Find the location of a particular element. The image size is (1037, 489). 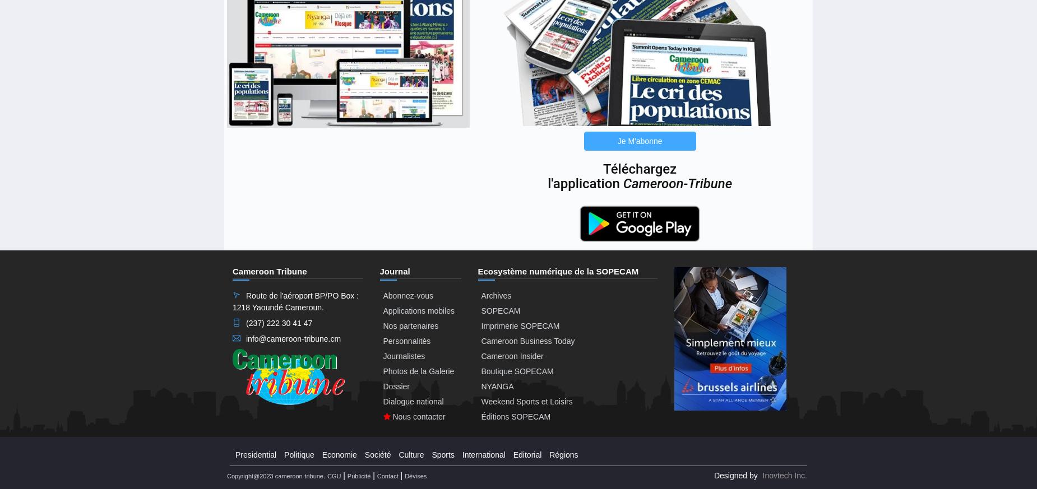

'Designed by' is located at coordinates (712, 475).